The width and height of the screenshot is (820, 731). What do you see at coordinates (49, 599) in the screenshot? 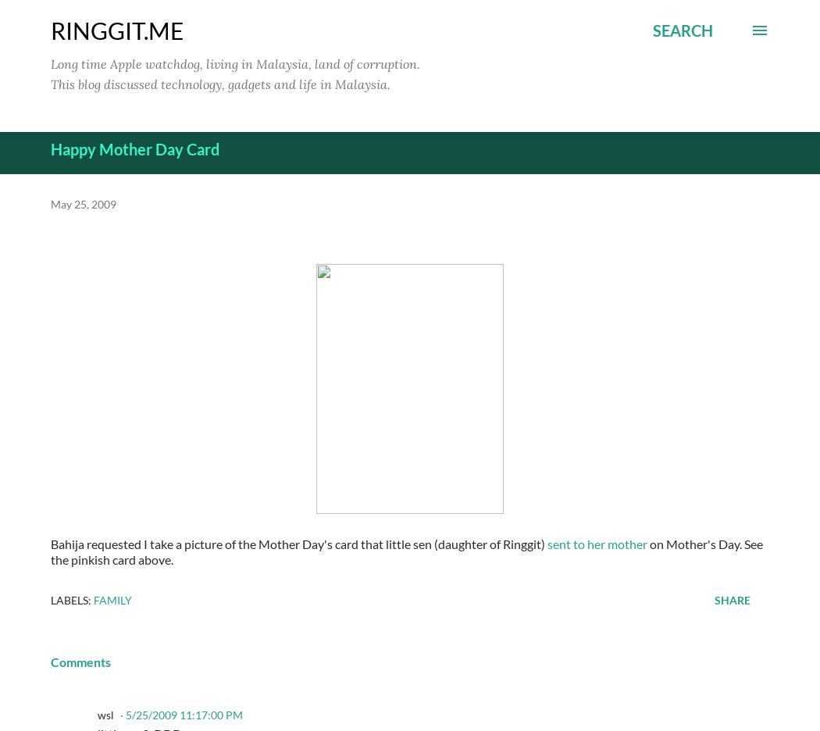
I see `'Labels:'` at bounding box center [49, 599].